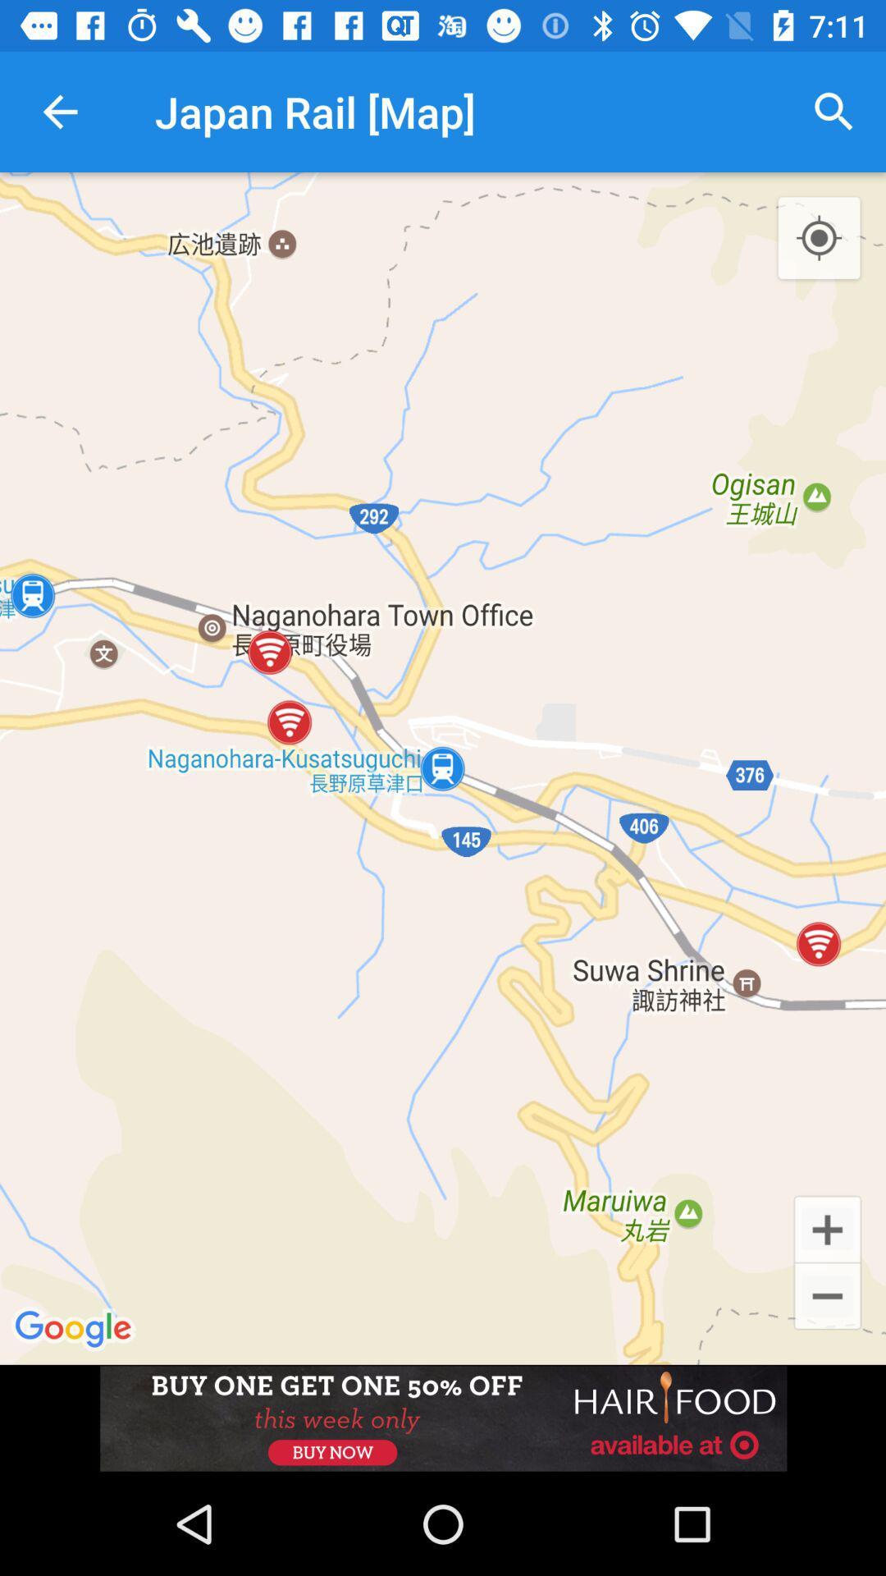  What do you see at coordinates (443, 1418) in the screenshot?
I see `banner add` at bounding box center [443, 1418].